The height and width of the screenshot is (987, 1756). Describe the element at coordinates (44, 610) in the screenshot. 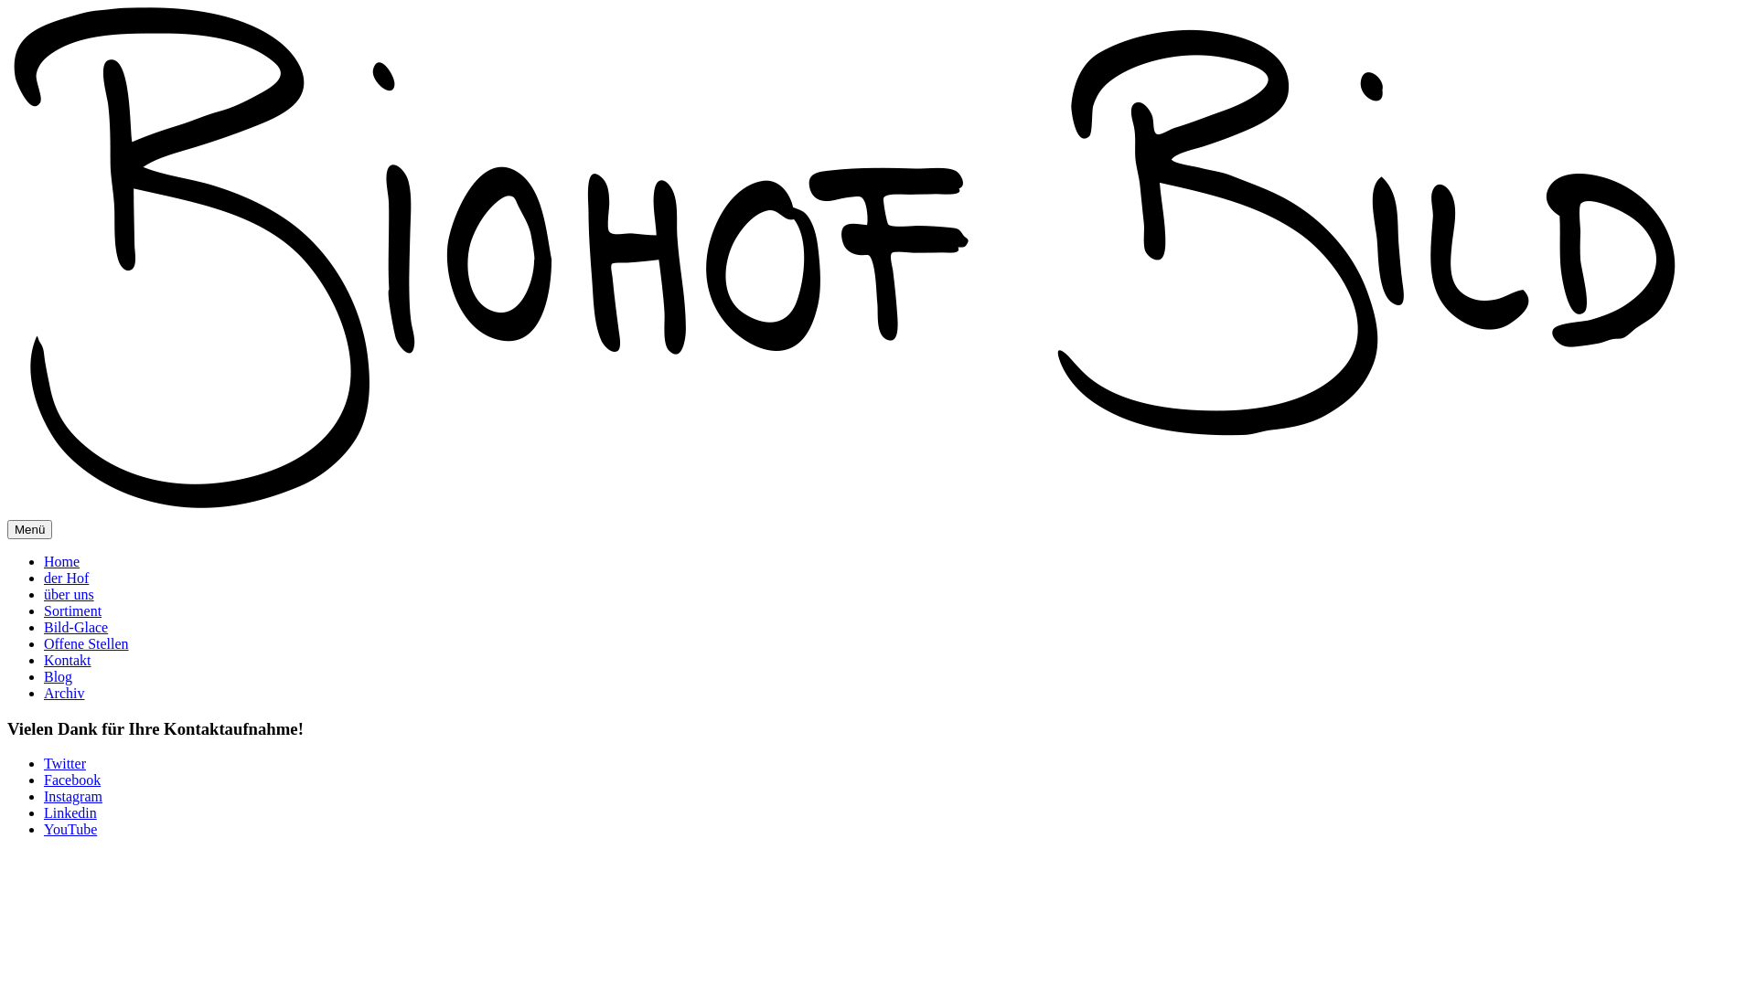

I see `'Sortiment'` at that location.